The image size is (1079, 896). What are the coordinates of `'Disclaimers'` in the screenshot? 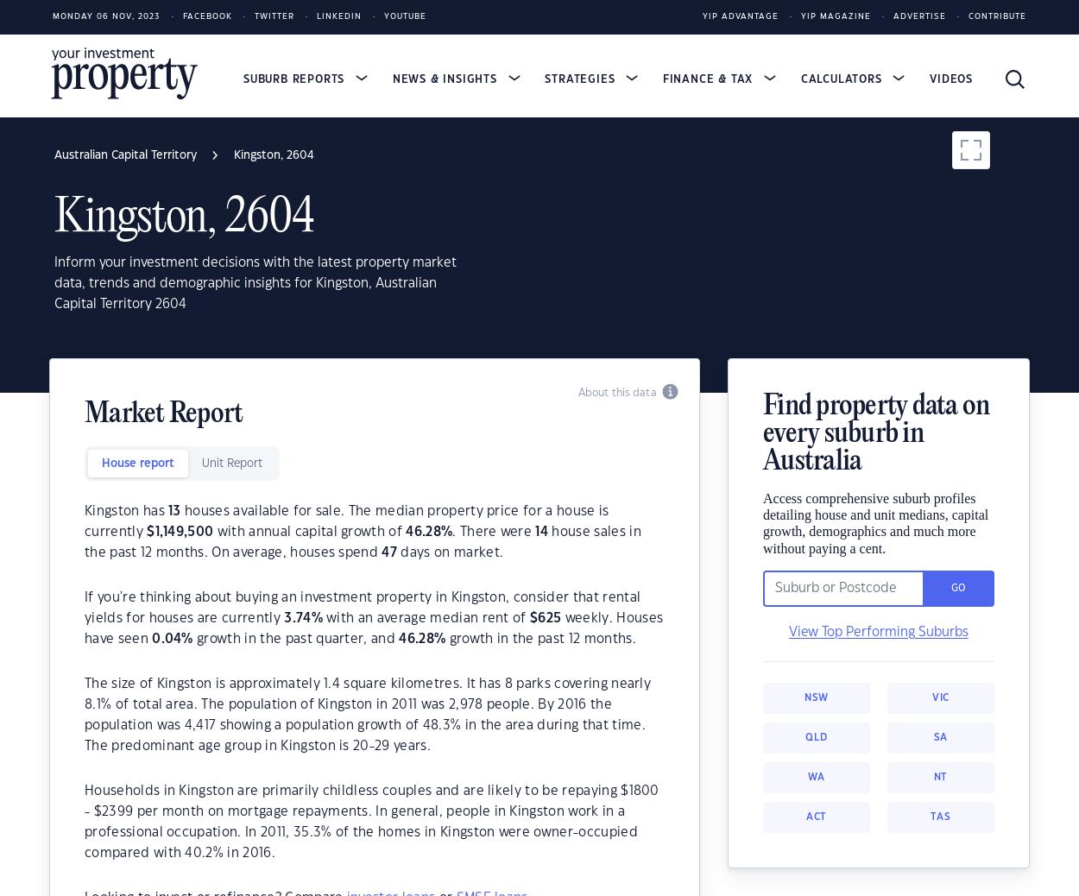 It's located at (98, 478).